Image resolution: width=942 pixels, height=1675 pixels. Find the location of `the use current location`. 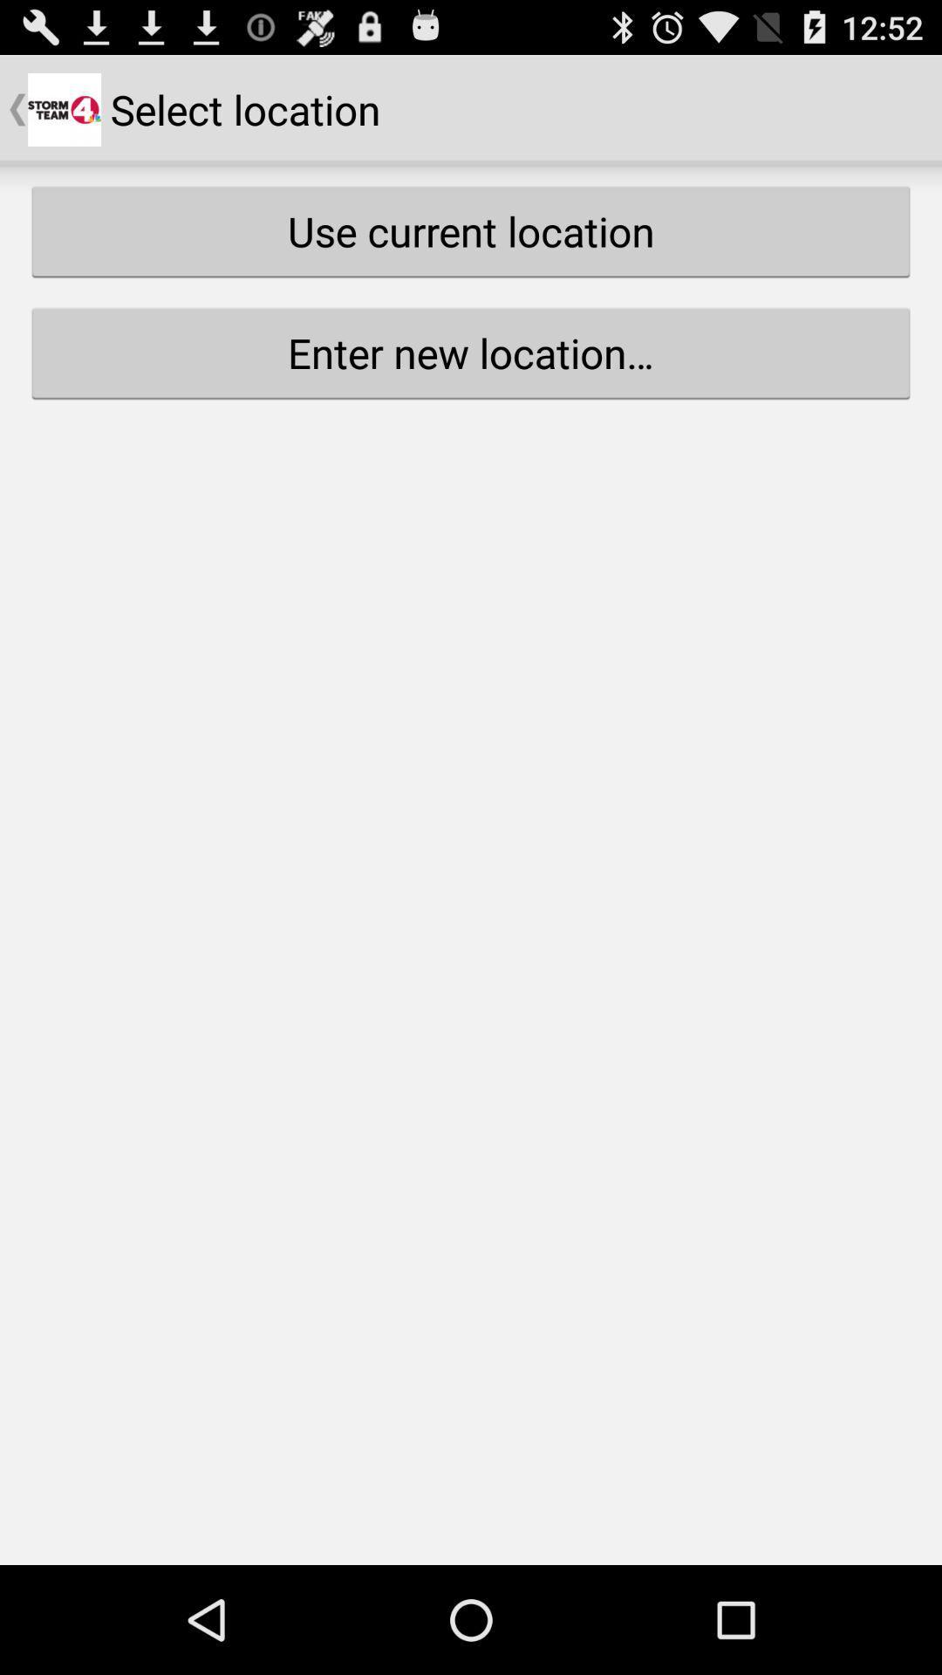

the use current location is located at coordinates (471, 230).